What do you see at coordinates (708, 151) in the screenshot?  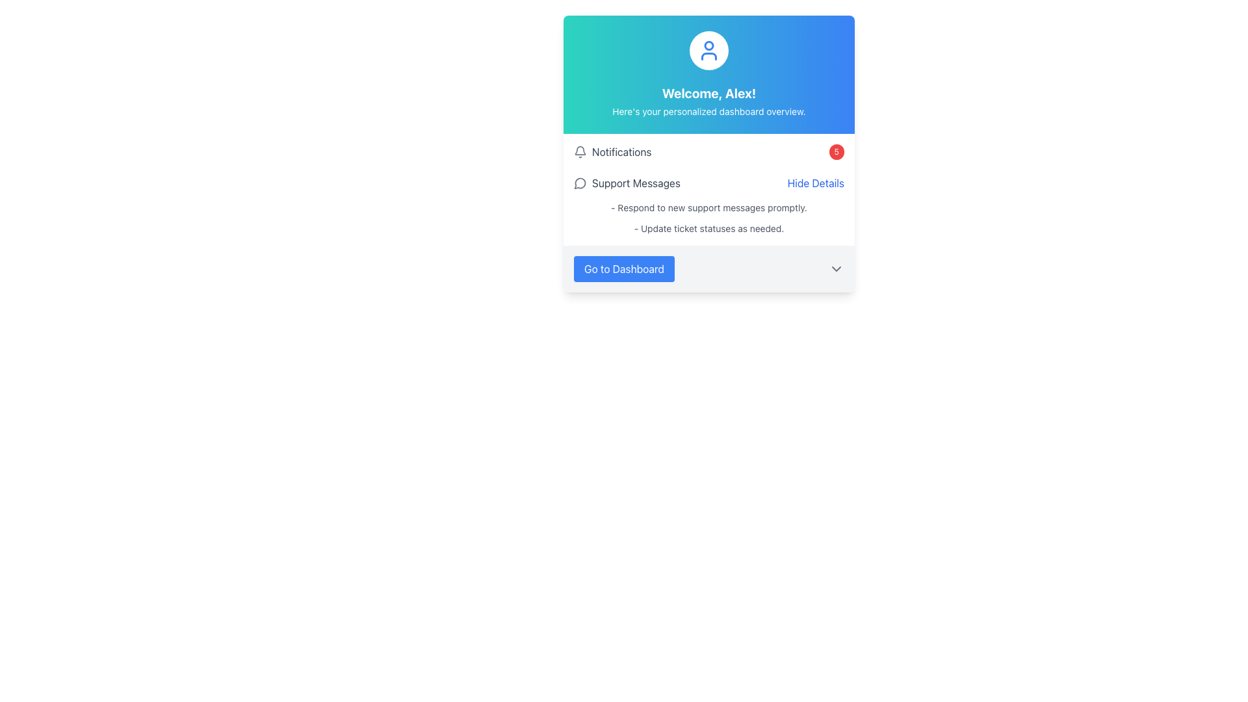 I see `the Notification Bar that displays the badge with the number '5'` at bounding box center [708, 151].